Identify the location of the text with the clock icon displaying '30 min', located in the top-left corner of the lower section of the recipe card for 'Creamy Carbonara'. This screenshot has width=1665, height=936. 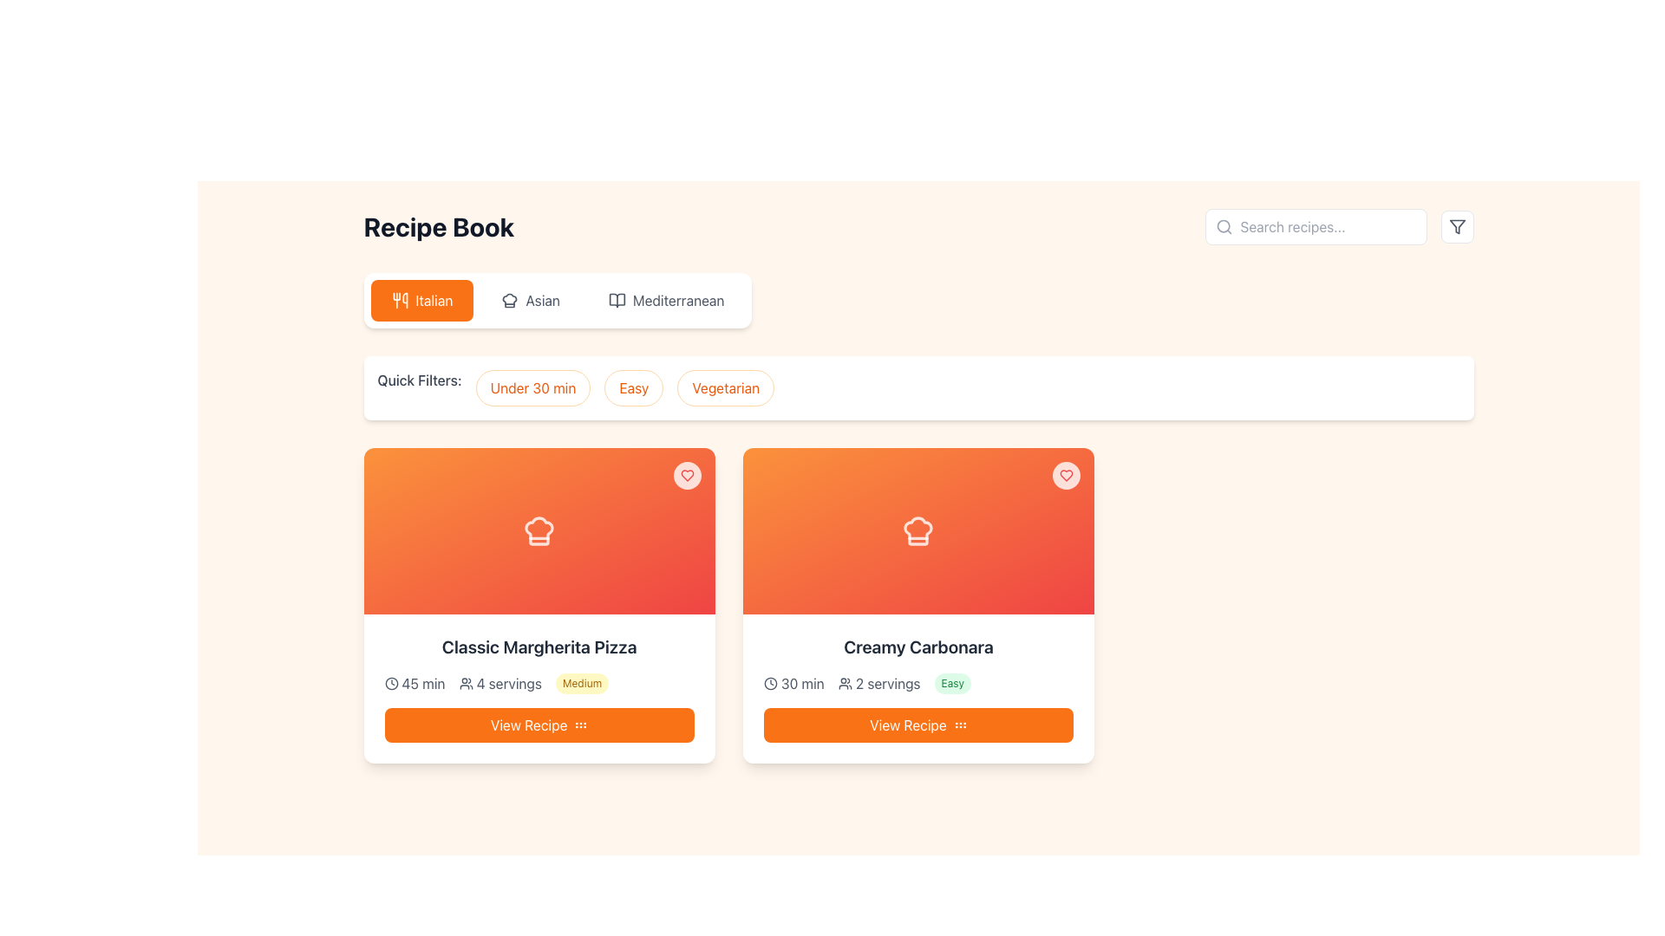
(793, 683).